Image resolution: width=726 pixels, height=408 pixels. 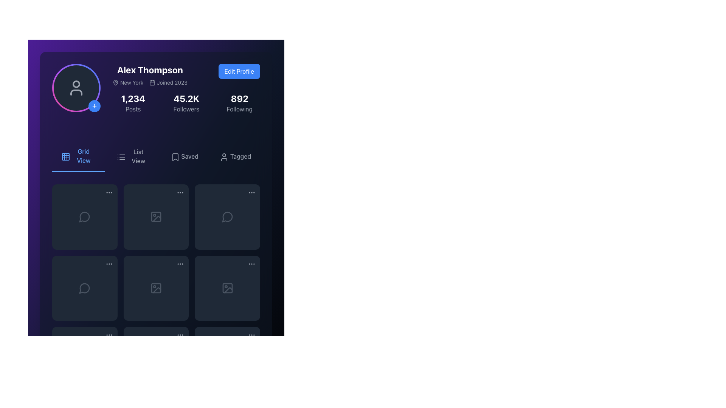 What do you see at coordinates (252, 192) in the screenshot?
I see `the icon-based interactive trigger located in the top-right corner of the grid cell` at bounding box center [252, 192].